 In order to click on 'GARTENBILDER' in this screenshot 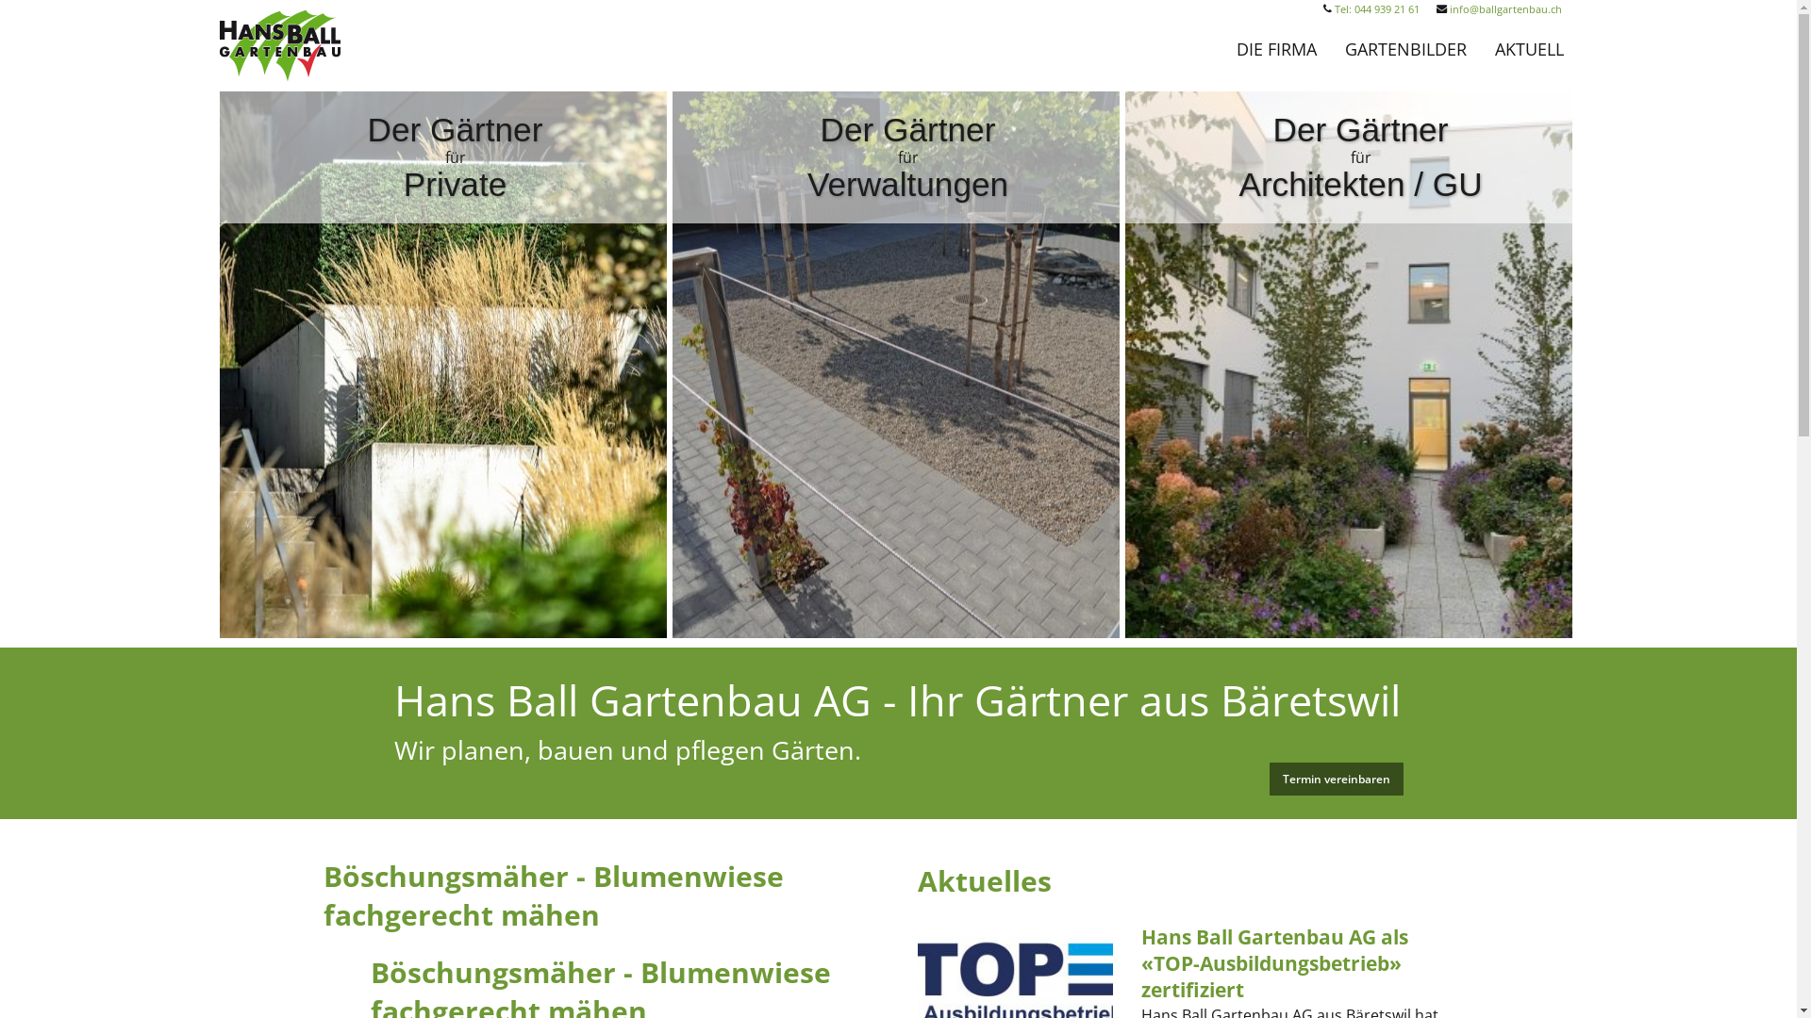, I will do `click(1404, 59)`.